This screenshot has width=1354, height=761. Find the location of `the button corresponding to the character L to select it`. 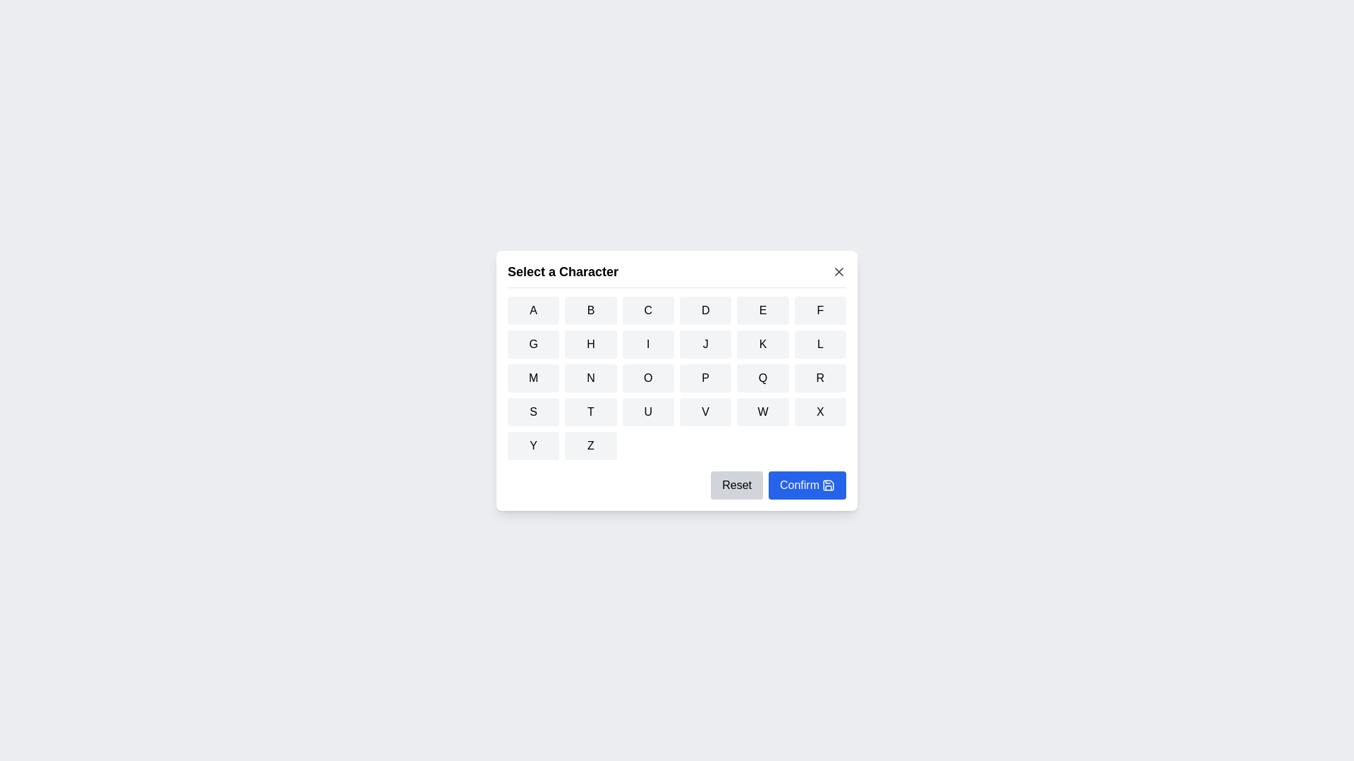

the button corresponding to the character L to select it is located at coordinates (819, 344).